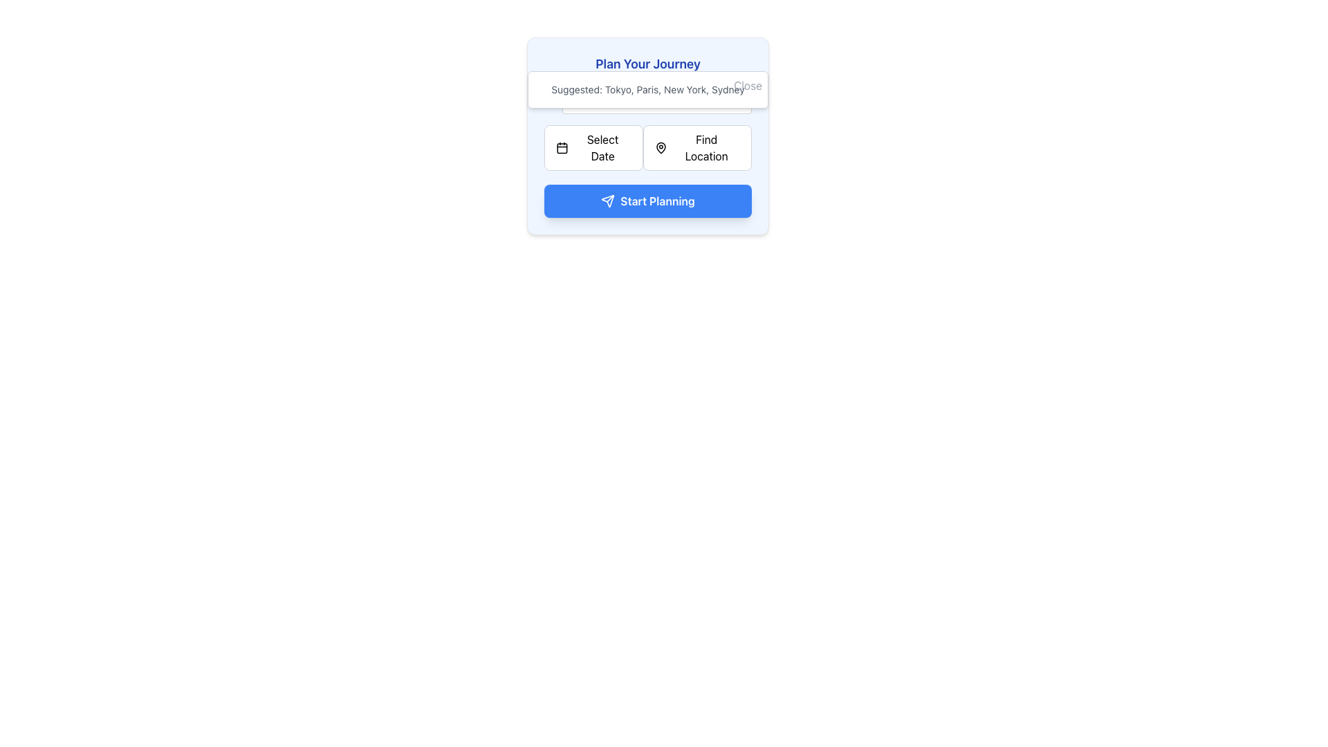 This screenshot has width=1328, height=747. Describe the element at coordinates (656, 98) in the screenshot. I see `the Text Input Field below the 'Plan Your Journey' heading to focus and type in it` at that location.